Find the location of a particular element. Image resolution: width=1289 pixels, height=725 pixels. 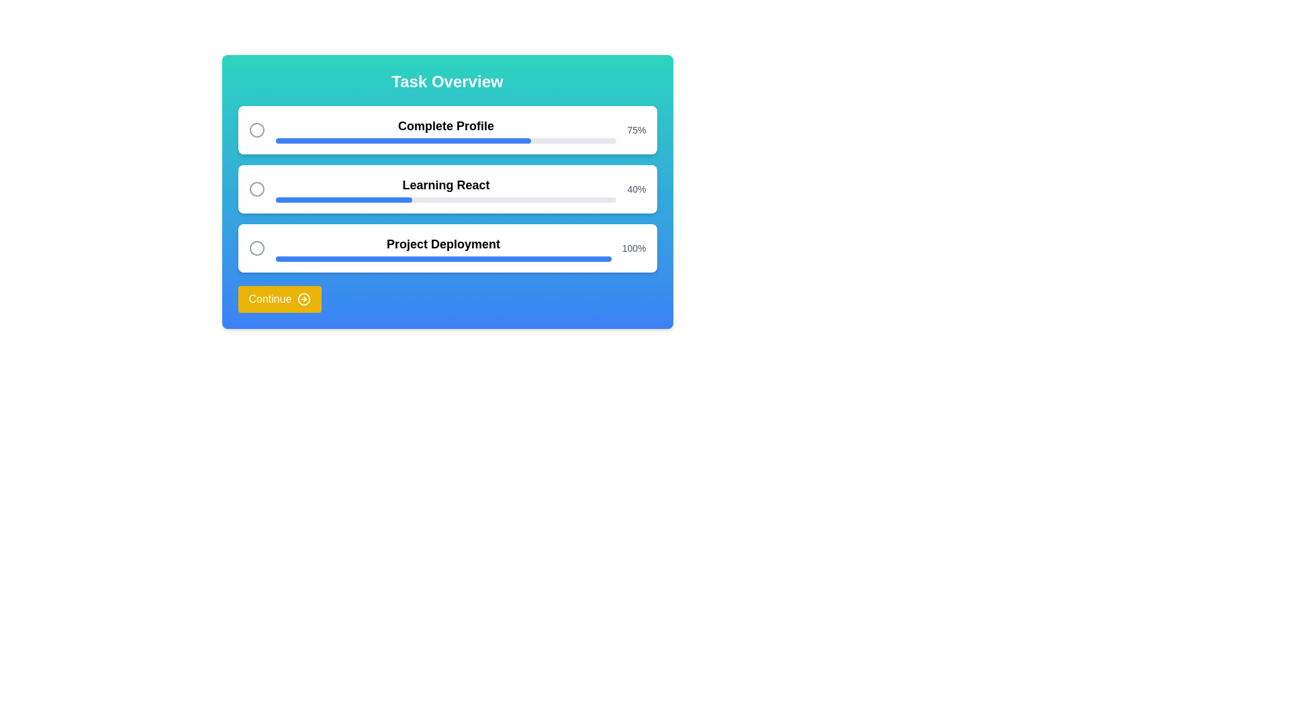

text displayed in the third card-like section of the interface, which shows the title 'Project Deployment' and is located centrally above the text indicator '100%' is located at coordinates (443, 248).